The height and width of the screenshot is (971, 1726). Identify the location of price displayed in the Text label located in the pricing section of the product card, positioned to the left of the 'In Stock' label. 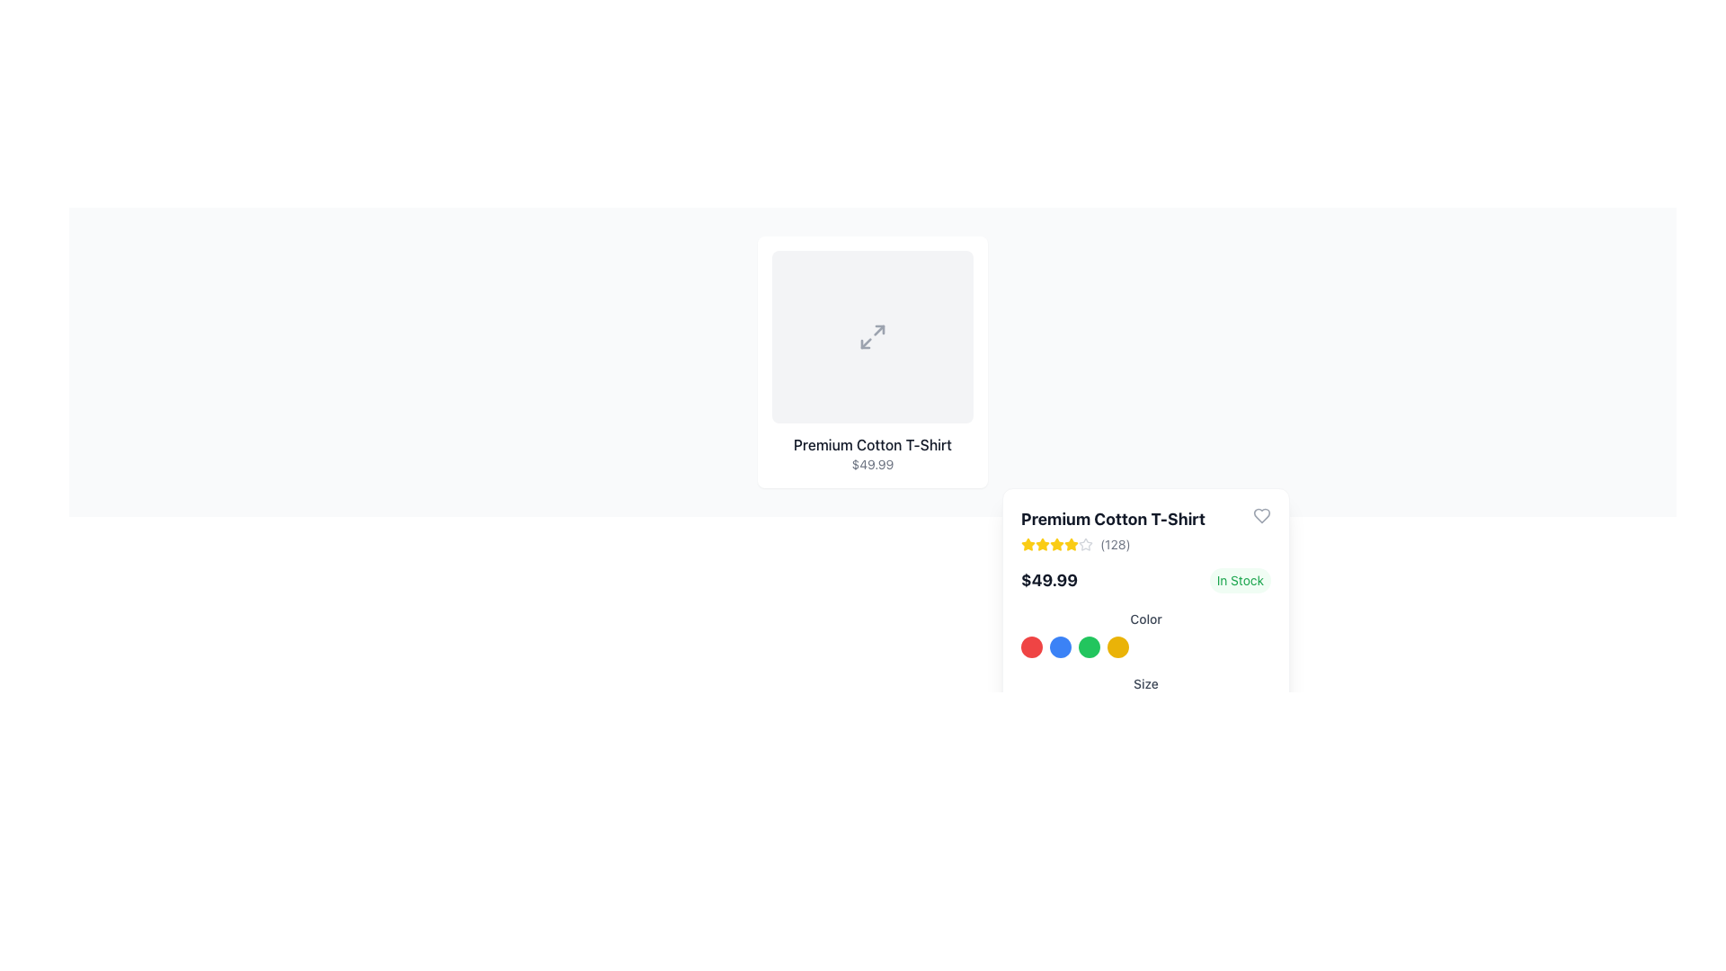
(1049, 580).